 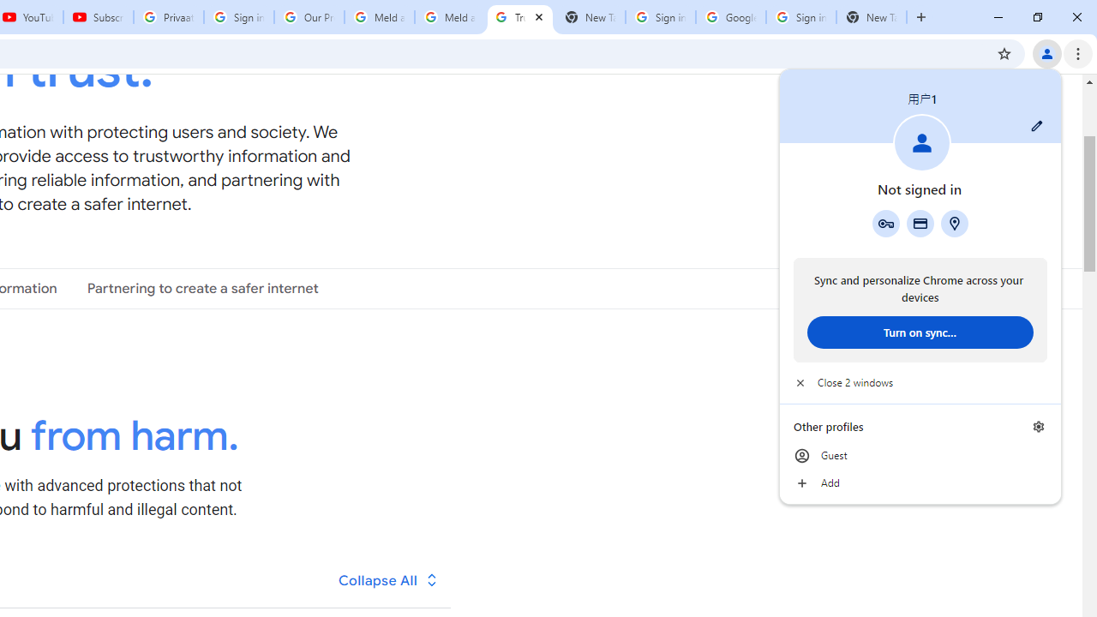 I want to click on 'Google Cybersecurity Innovations - Google Safety Center', so click(x=730, y=17).